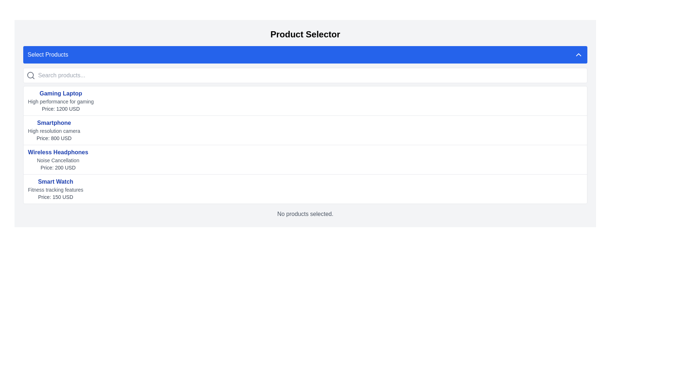  I want to click on the List item displaying details of the Wireless Headphones, which is located in the third row of the product list, so click(58, 159).